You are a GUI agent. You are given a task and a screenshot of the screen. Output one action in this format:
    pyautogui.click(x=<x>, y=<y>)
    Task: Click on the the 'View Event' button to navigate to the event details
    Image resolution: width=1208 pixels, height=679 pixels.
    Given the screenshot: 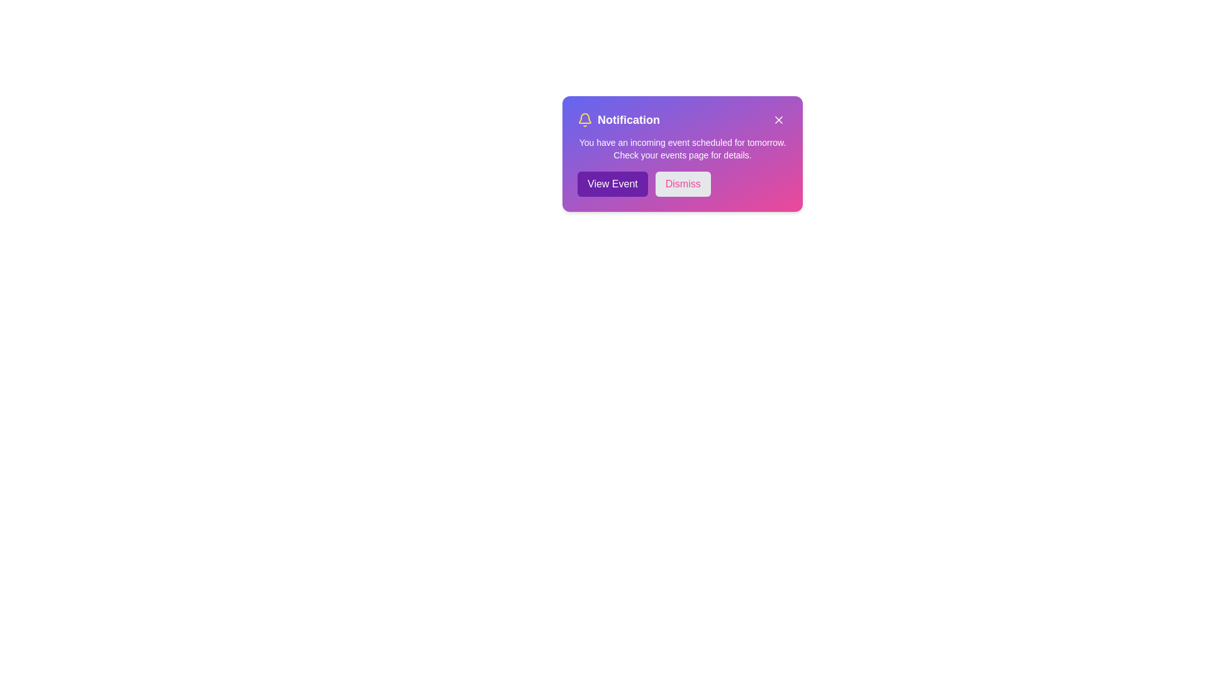 What is the action you would take?
    pyautogui.click(x=612, y=184)
    